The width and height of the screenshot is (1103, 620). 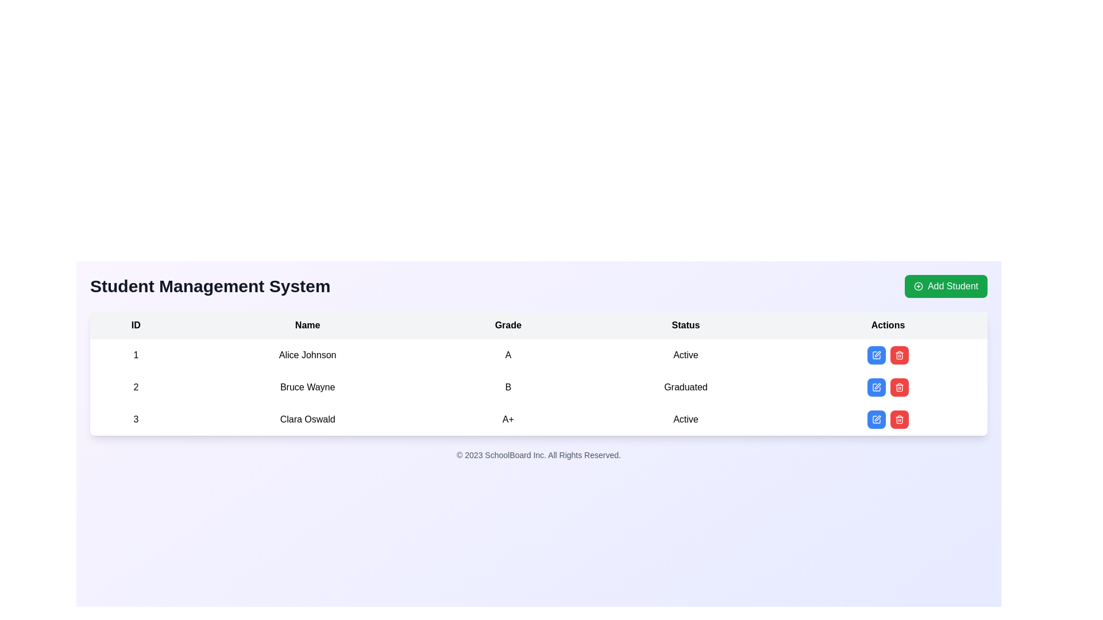 What do you see at coordinates (685, 325) in the screenshot?
I see `label text 'Status' which is displayed in bold black on a light gray background, located in the fourth cell of the table header` at bounding box center [685, 325].